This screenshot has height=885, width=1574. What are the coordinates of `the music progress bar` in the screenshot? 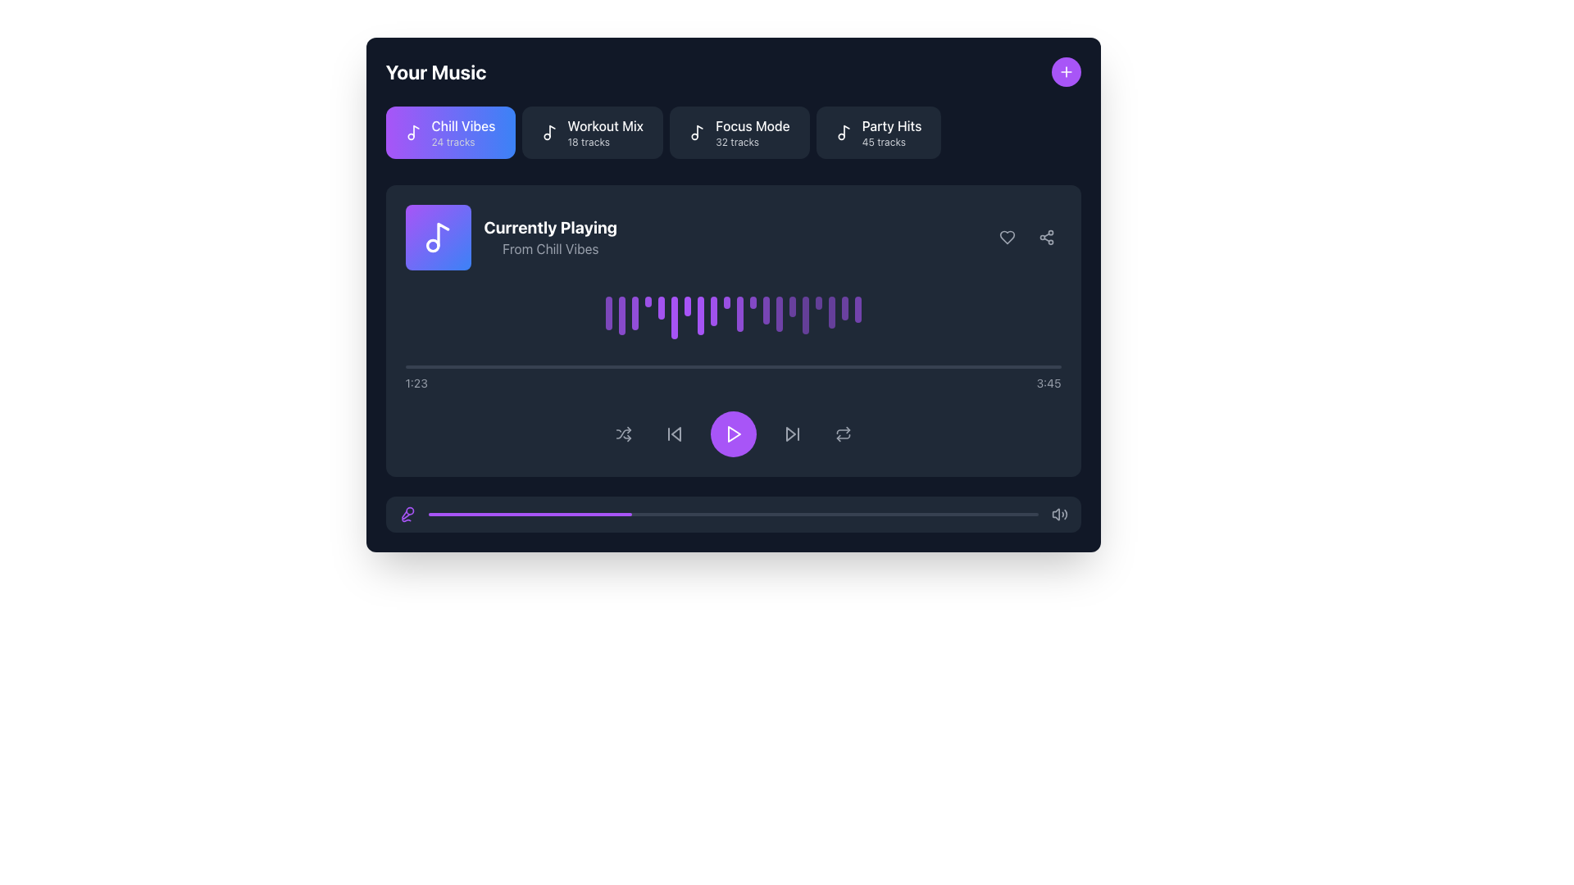 It's located at (488, 514).